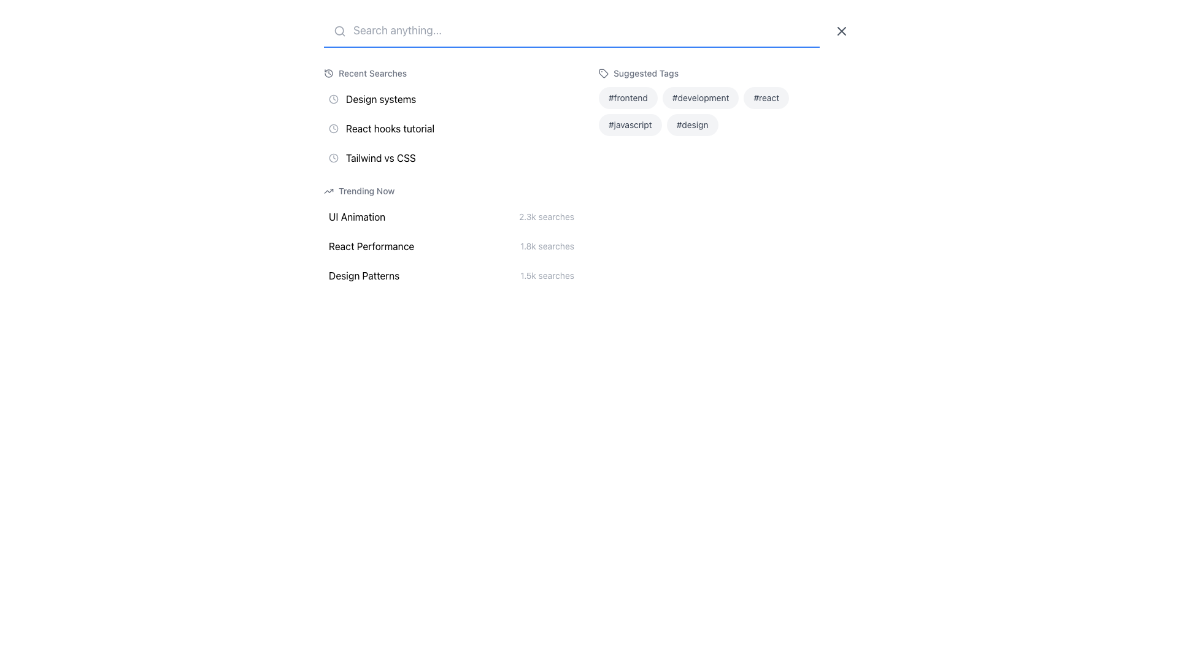 The image size is (1178, 662). What do you see at coordinates (450, 276) in the screenshot?
I see `the third clickable list item labeled 'Design Patterns' under the 'Trending Now' section to see a context menu, if applicable` at bounding box center [450, 276].